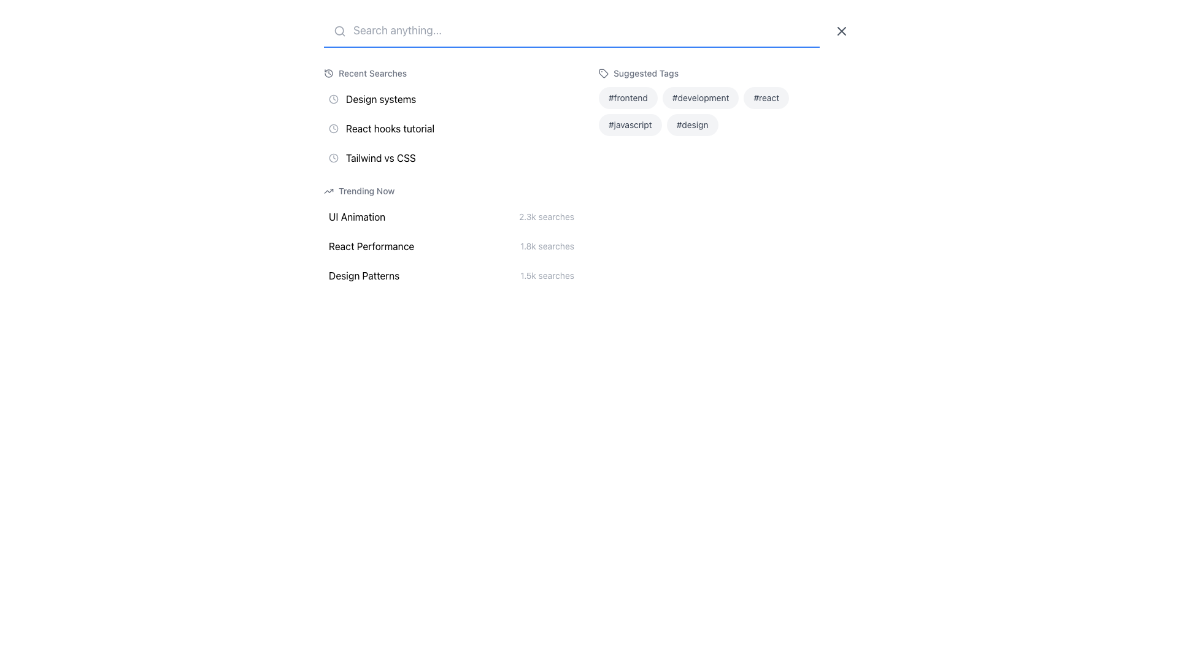 The image size is (1178, 662). What do you see at coordinates (450, 276) in the screenshot?
I see `the third clickable list item labeled 'Design Patterns' under the 'Trending Now' section to see a context menu, if applicable` at bounding box center [450, 276].